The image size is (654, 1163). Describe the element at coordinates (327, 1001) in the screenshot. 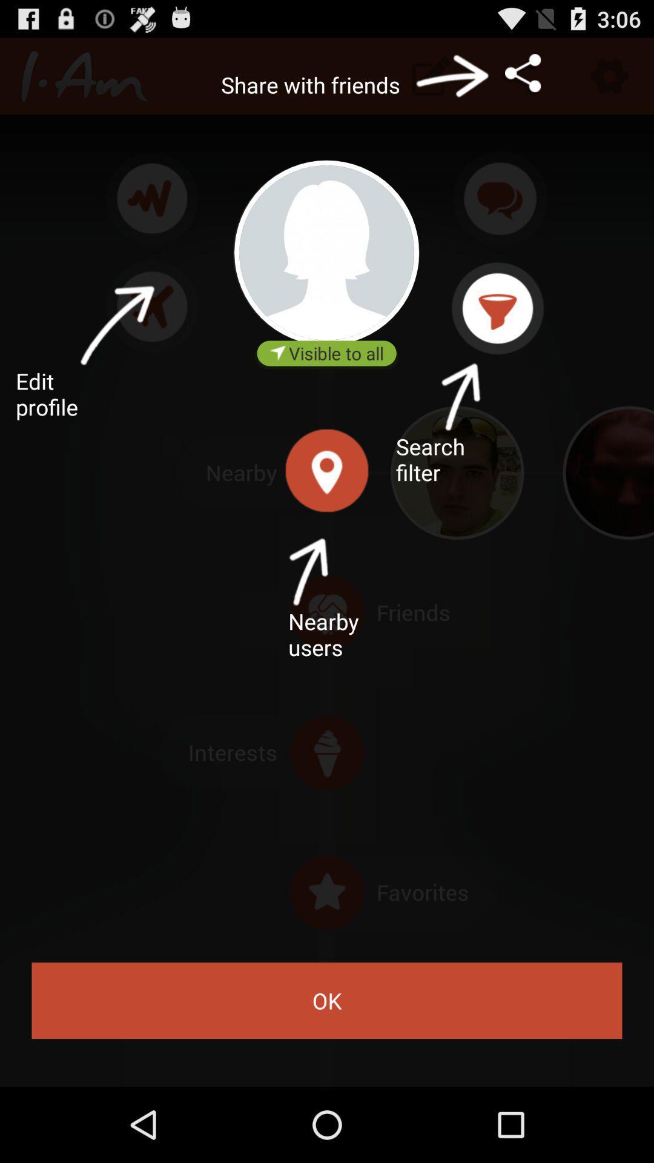

I see `the item below nearby` at that location.